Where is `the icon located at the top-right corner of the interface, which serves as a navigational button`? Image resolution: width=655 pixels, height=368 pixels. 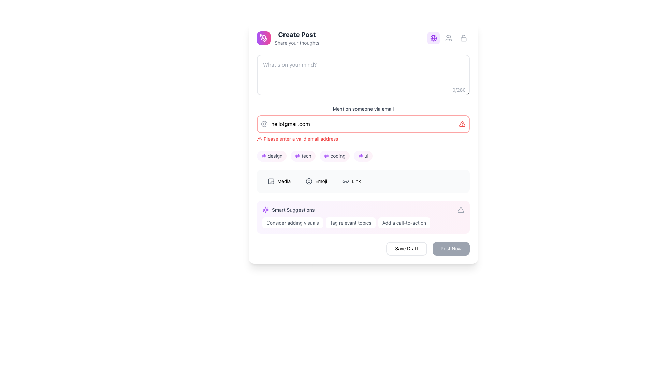 the icon located at the top-right corner of the interface, which serves as a navigational button is located at coordinates (433, 38).